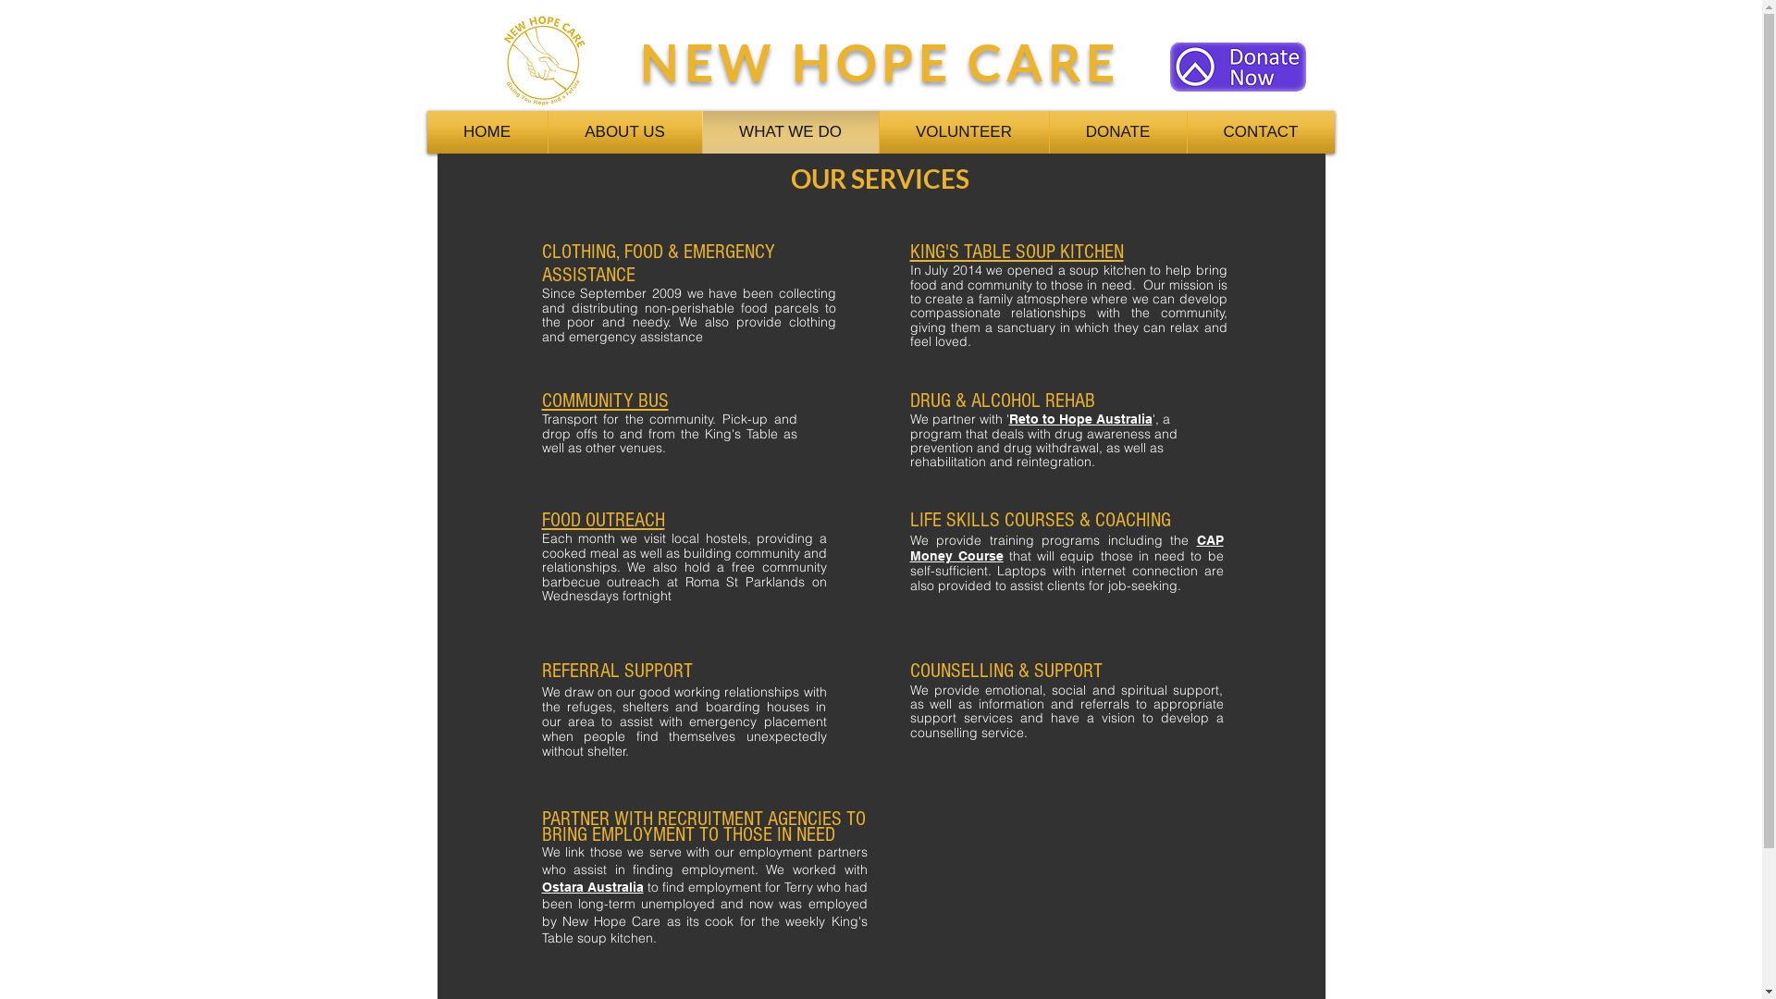 Image resolution: width=1776 pixels, height=999 pixels. I want to click on 'ABOUT US', so click(625, 130).